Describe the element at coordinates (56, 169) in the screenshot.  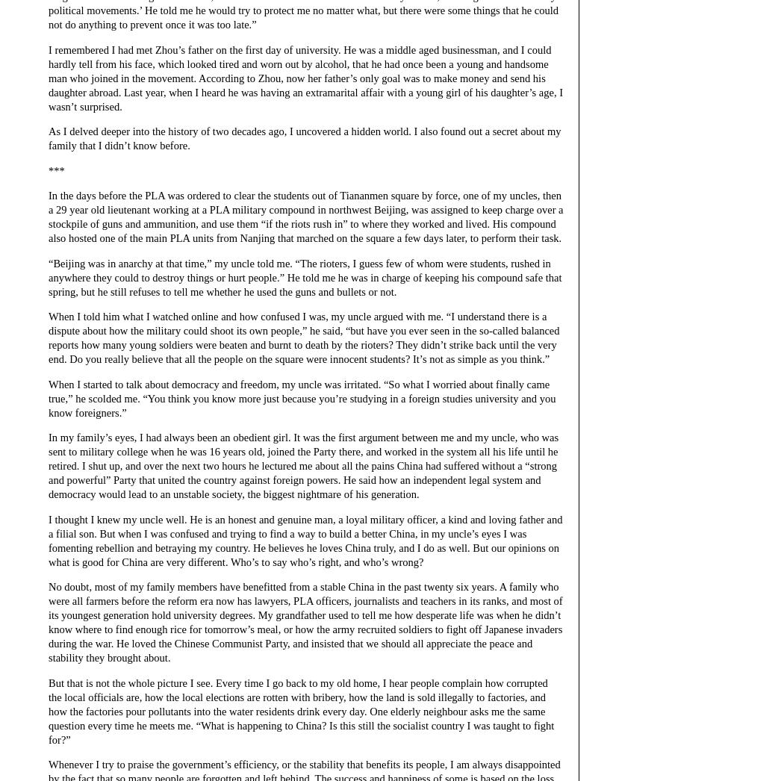
I see `'***'` at that location.